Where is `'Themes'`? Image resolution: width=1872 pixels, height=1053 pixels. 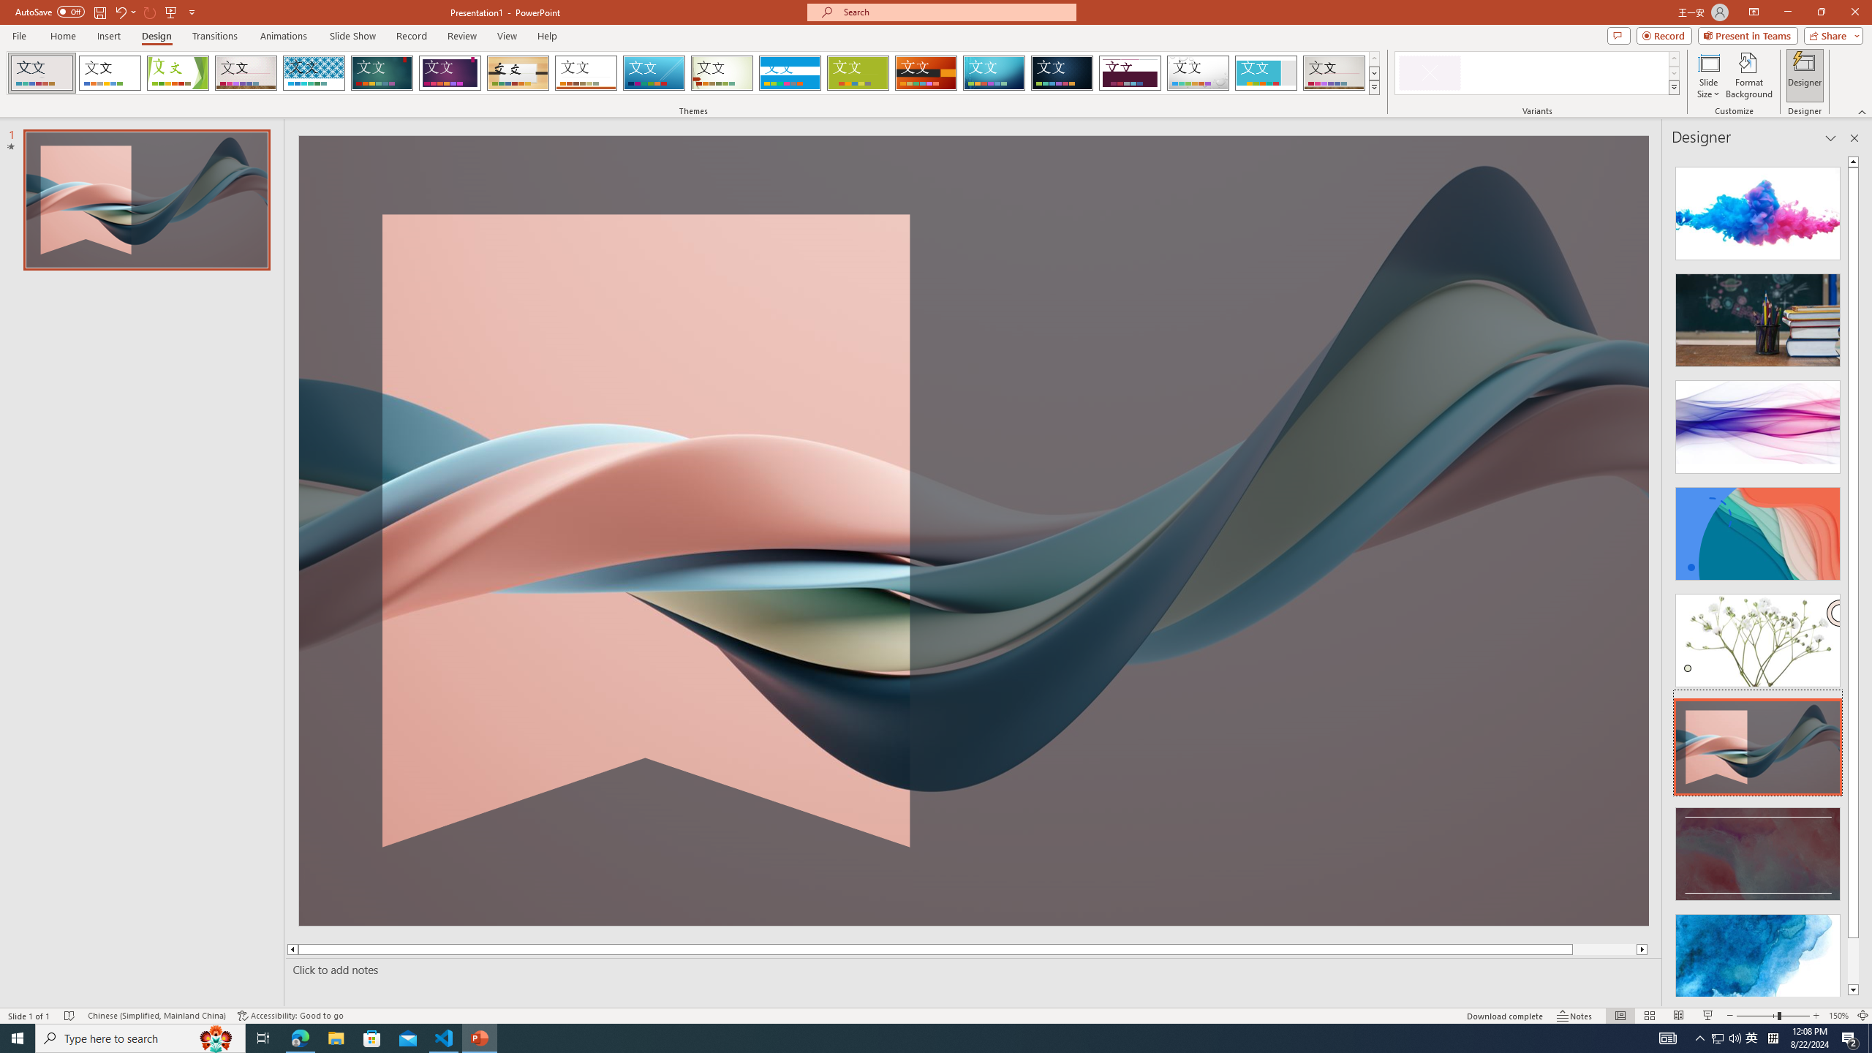 'Themes' is located at coordinates (1374, 86).